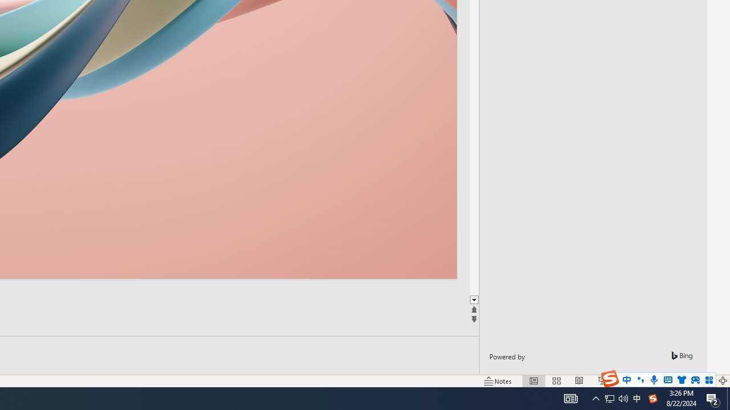 This screenshot has width=730, height=410. What do you see at coordinates (703, 381) in the screenshot?
I see `'Zoom 133%'` at bounding box center [703, 381].